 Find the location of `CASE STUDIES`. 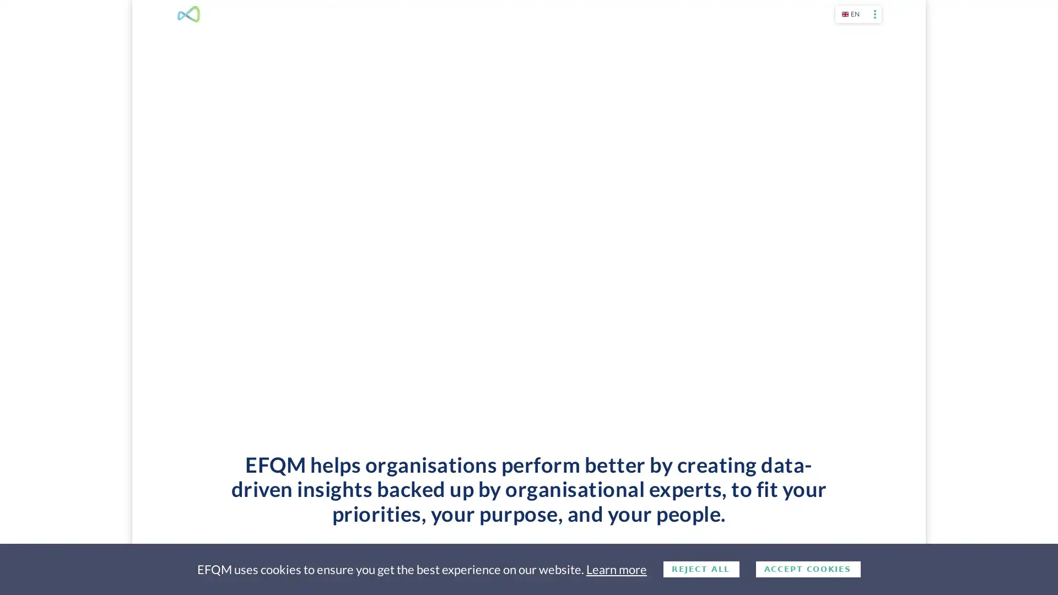

CASE STUDIES is located at coordinates (723, 39).